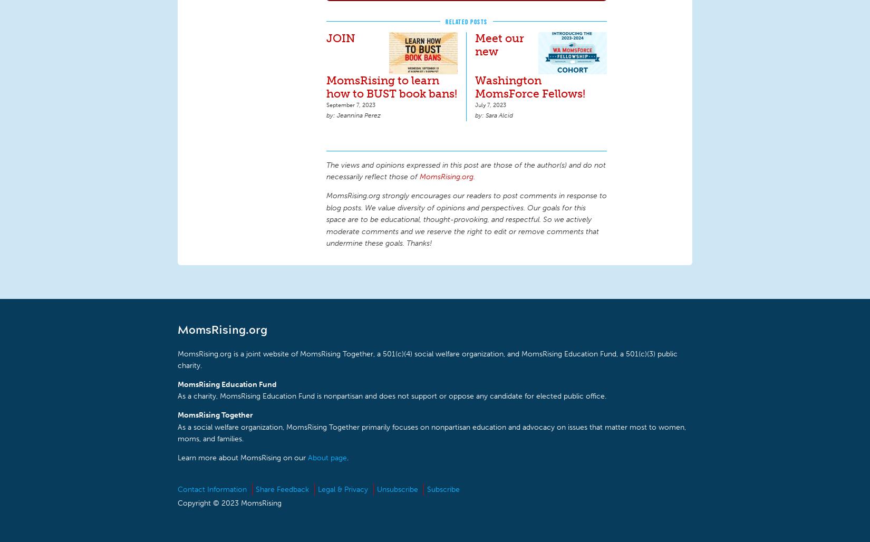 Image resolution: width=870 pixels, height=542 pixels. I want to click on 'MomsRising.org strongly encourages our readers to post comments in response to blog posts. We value diversity of opinions and perspectives. Our goals for this space are to be educational, thought-provoking, and respectful. So we actively moderate comments and we reserve the right to edit or remove comments that undermine these goals. Thanks!', so click(467, 219).